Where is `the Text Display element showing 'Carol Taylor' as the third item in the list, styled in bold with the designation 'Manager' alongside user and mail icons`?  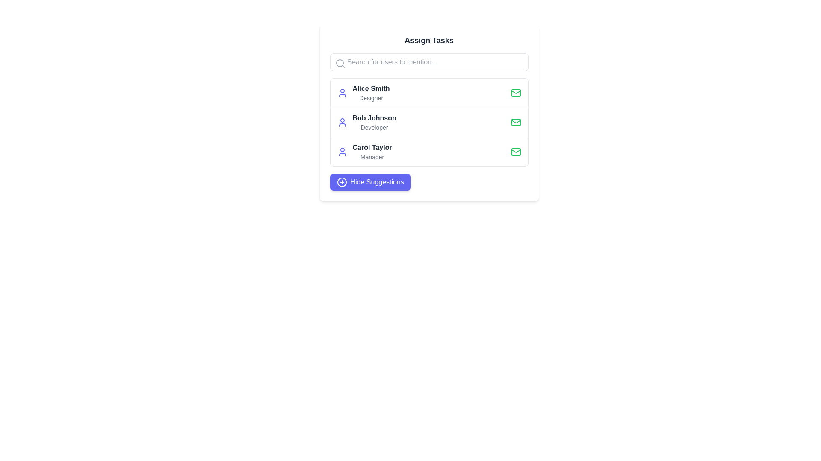 the Text Display element showing 'Carol Taylor' as the third item in the list, styled in bold with the designation 'Manager' alongside user and mail icons is located at coordinates (372, 151).